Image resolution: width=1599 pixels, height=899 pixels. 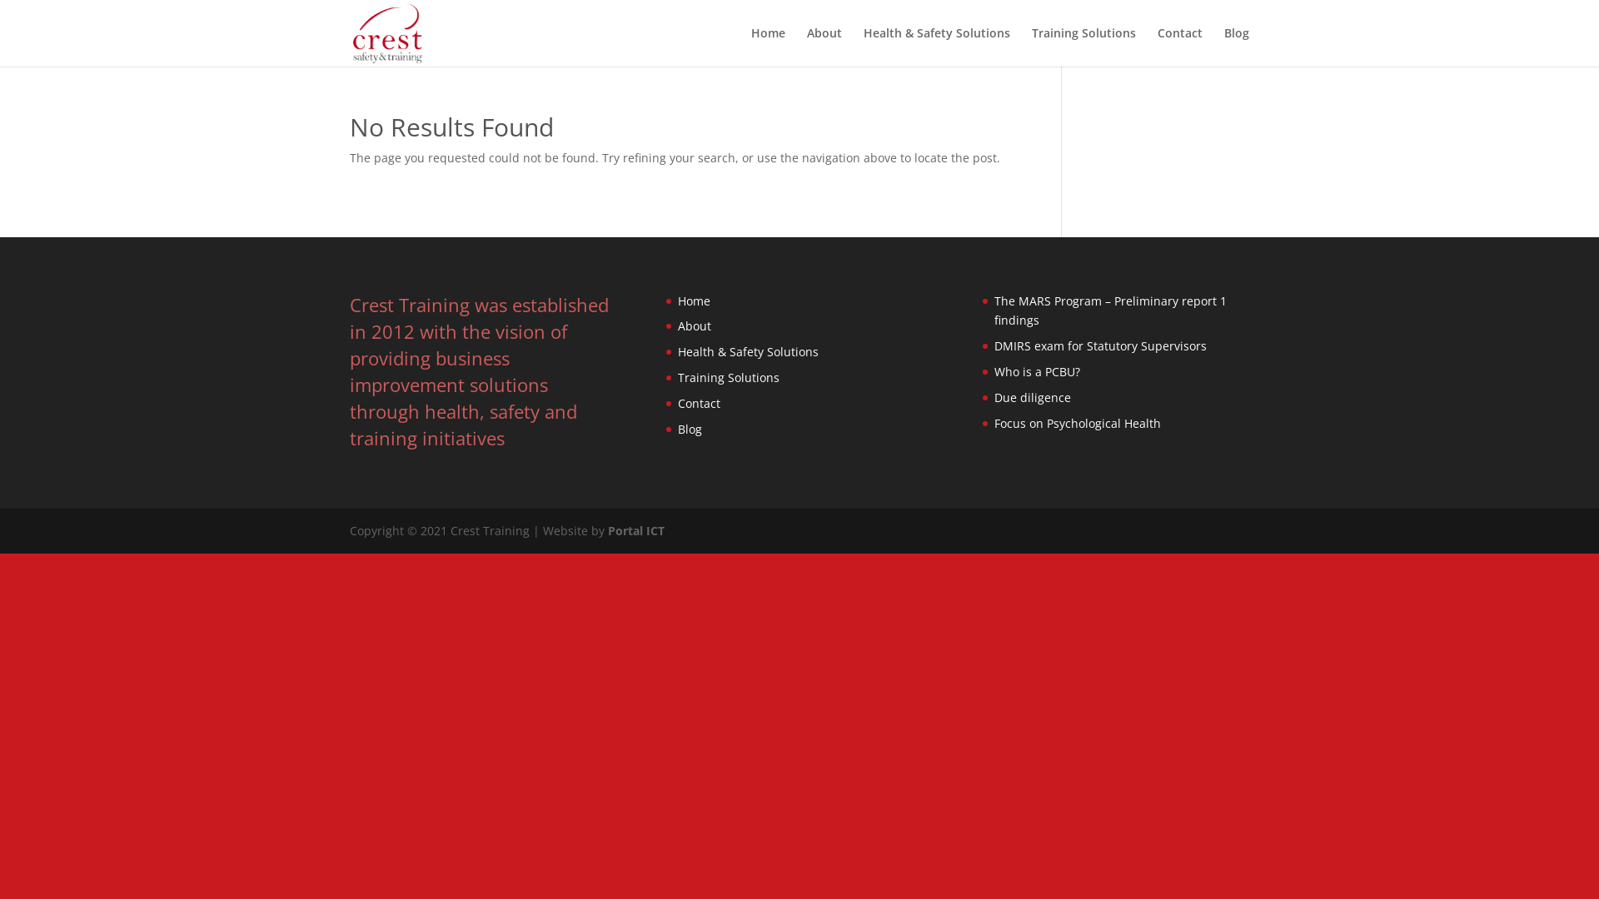 I want to click on 'Contact', so click(x=1178, y=46).